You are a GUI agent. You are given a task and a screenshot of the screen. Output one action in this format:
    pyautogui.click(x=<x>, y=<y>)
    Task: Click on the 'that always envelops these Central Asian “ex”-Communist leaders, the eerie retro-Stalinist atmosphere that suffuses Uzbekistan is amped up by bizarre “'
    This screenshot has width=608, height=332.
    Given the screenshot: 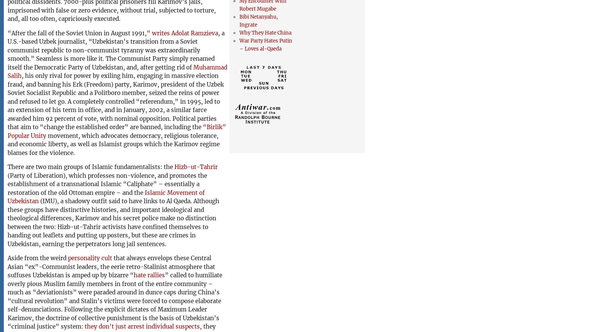 What is the action you would take?
    pyautogui.click(x=111, y=266)
    